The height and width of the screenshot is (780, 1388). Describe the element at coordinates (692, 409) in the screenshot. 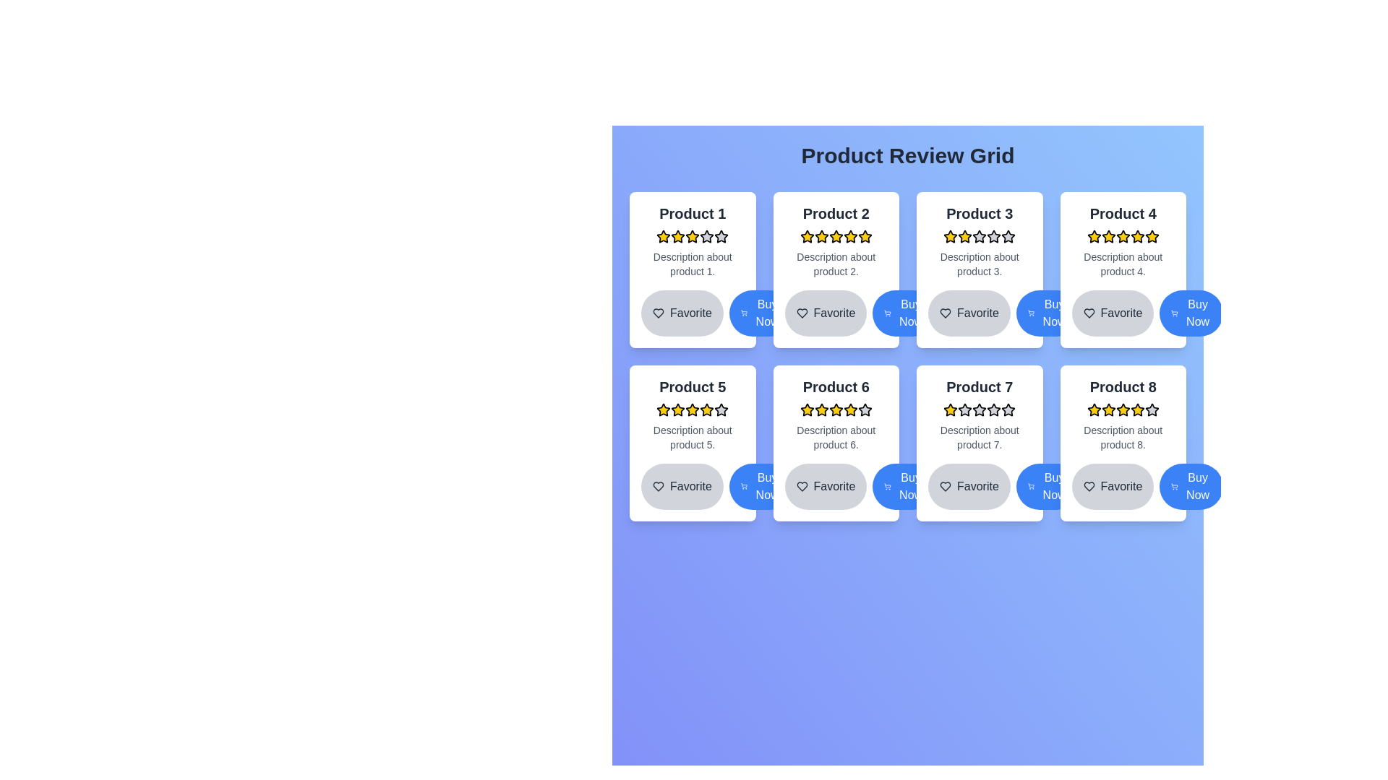

I see `the 4-star rating stars row located in the 'Product 5' card to modify the rating` at that location.